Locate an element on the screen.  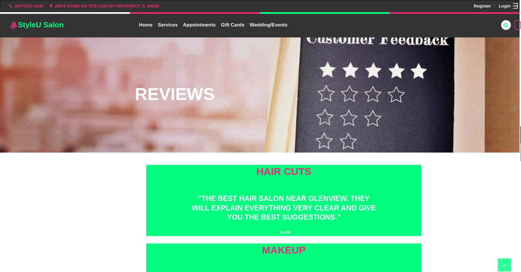
'Hair Cuts' is located at coordinates (283, 171).